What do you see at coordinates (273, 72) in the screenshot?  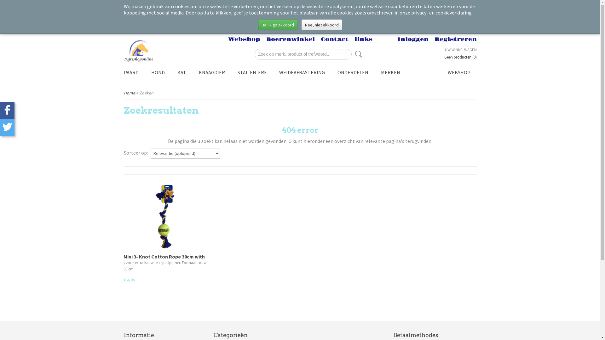 I see `'WEIDEAFRASTERING'` at bounding box center [273, 72].